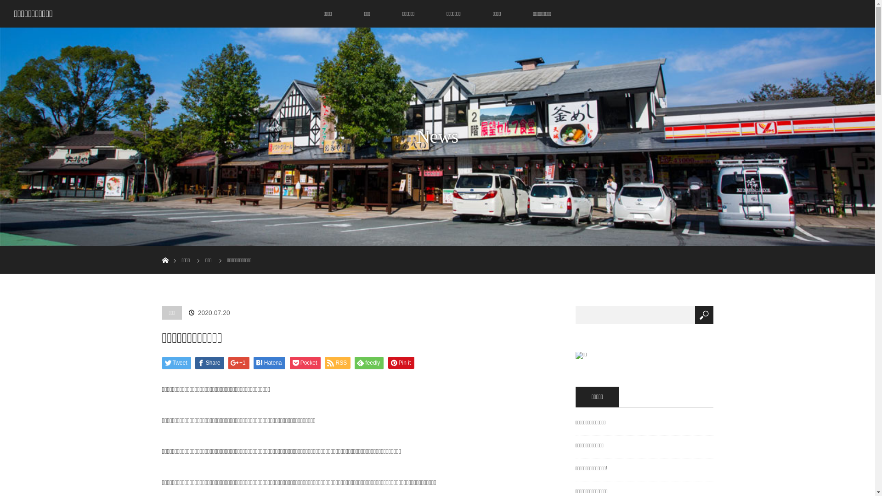 Image resolution: width=882 pixels, height=496 pixels. I want to click on '+1', so click(238, 362).